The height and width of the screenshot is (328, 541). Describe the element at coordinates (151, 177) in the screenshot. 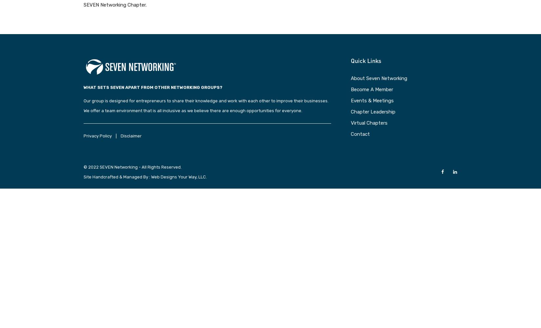

I see `'Web Designs Your Way, LLC.'` at that location.